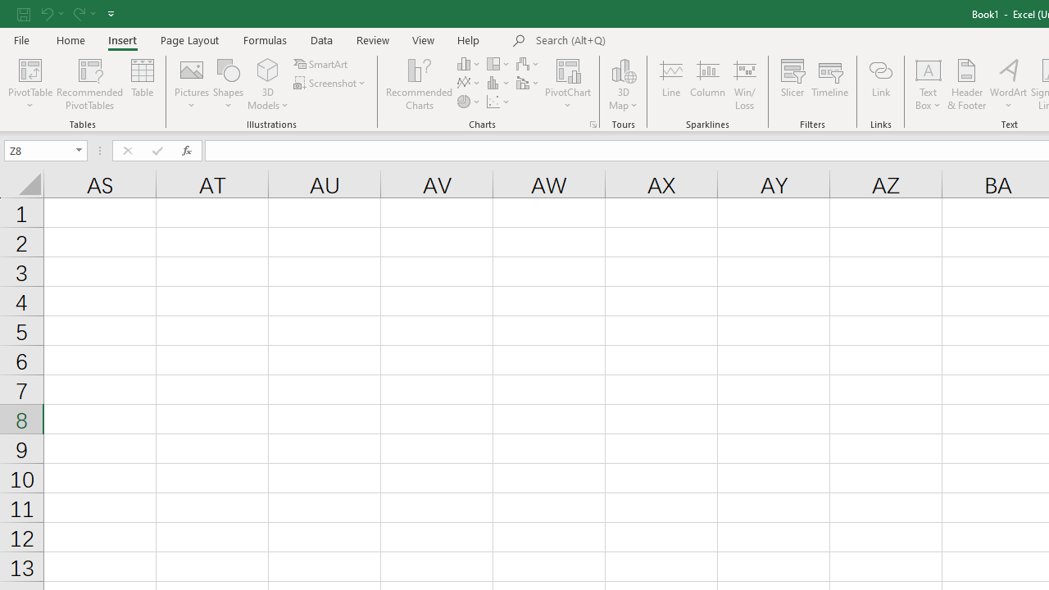 The image size is (1049, 590). I want to click on 'Insert Column or Bar Chart', so click(469, 63).